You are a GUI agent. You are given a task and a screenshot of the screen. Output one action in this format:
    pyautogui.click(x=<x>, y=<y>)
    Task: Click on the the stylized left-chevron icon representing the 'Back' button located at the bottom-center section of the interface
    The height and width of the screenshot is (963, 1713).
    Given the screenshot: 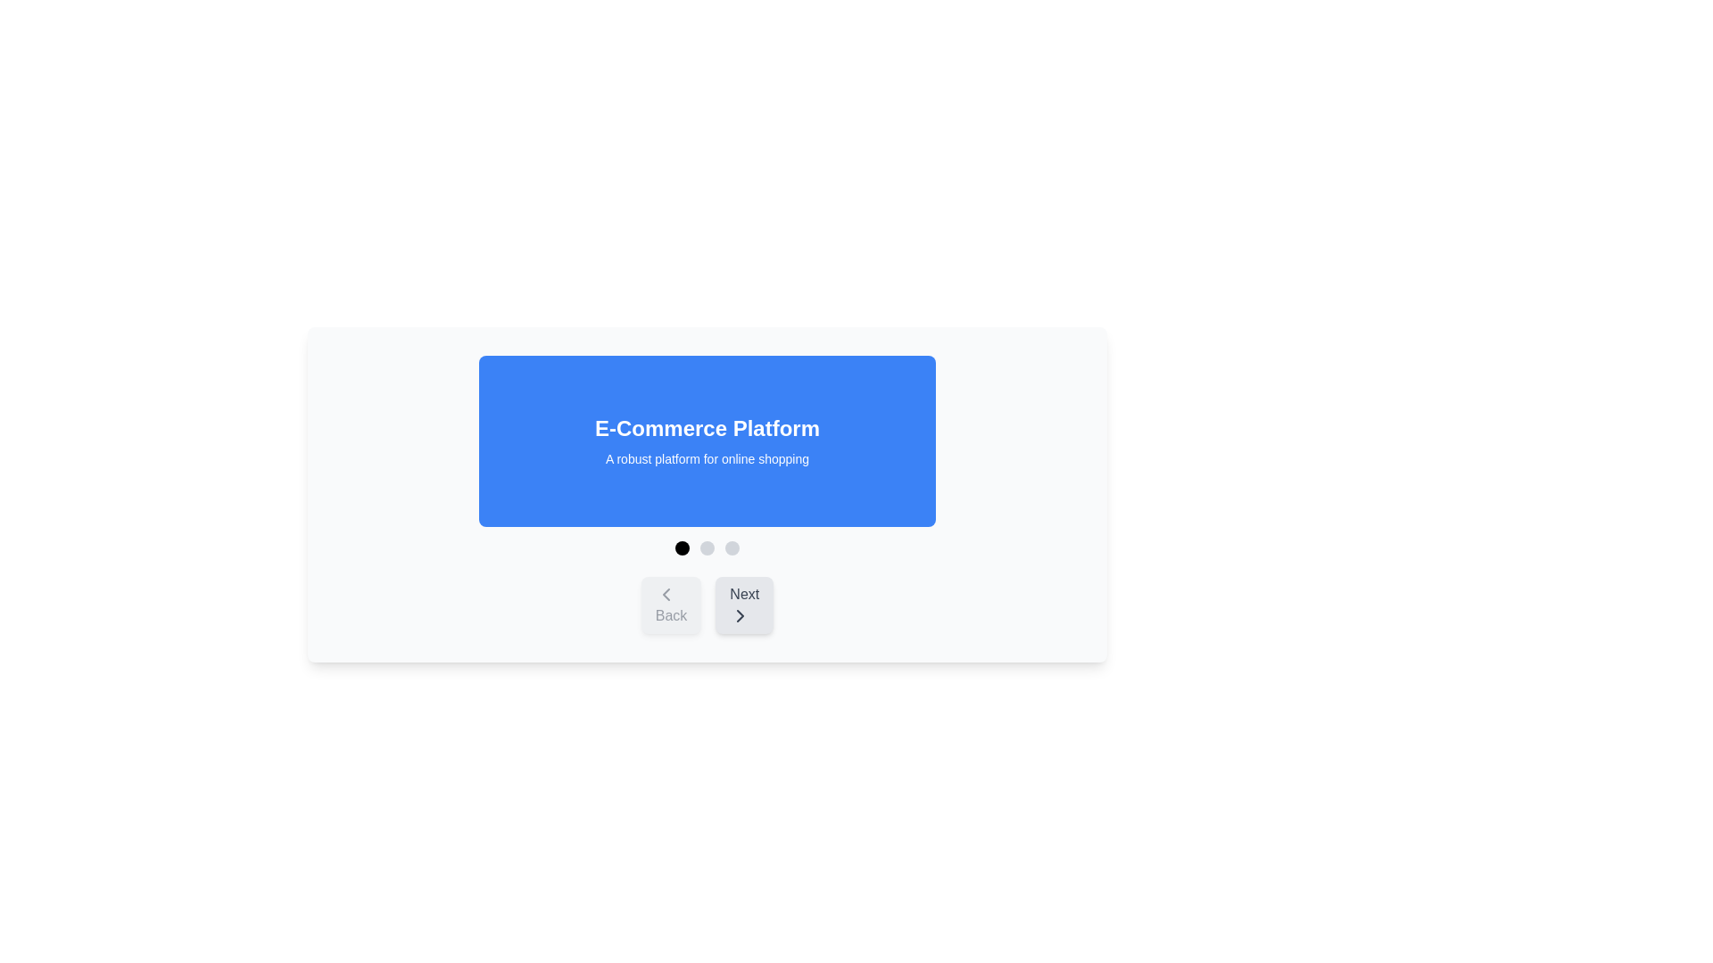 What is the action you would take?
    pyautogui.click(x=665, y=595)
    